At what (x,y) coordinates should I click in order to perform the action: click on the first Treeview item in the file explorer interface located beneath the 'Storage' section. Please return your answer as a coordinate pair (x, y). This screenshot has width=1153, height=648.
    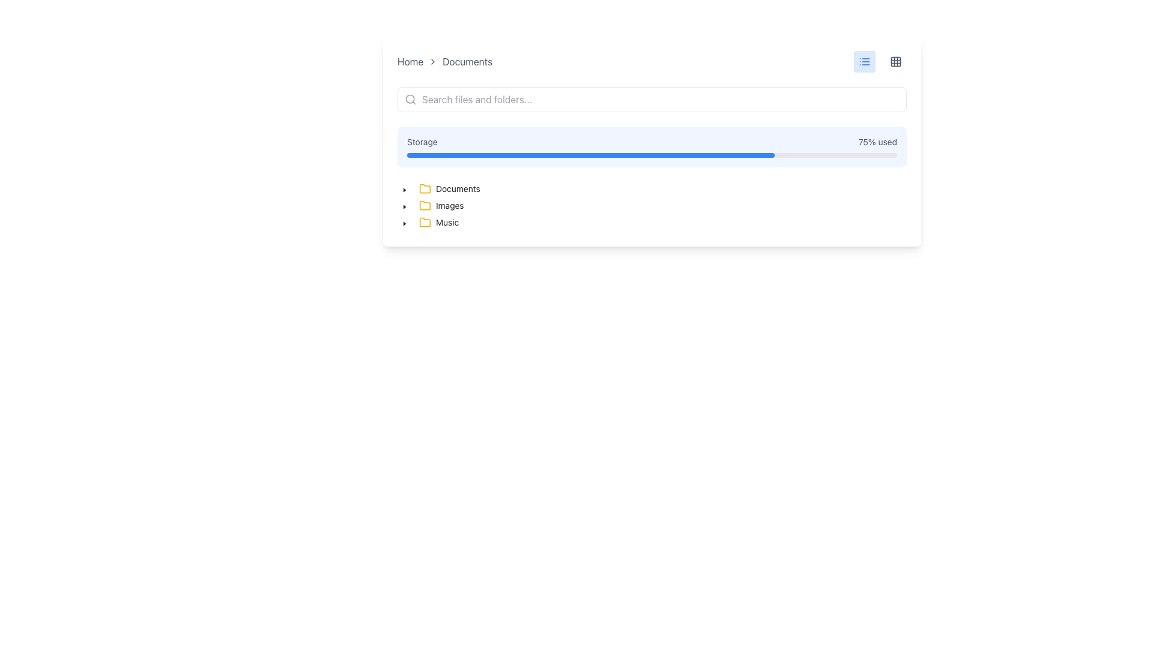
    Looking at the image, I should click on (449, 189).